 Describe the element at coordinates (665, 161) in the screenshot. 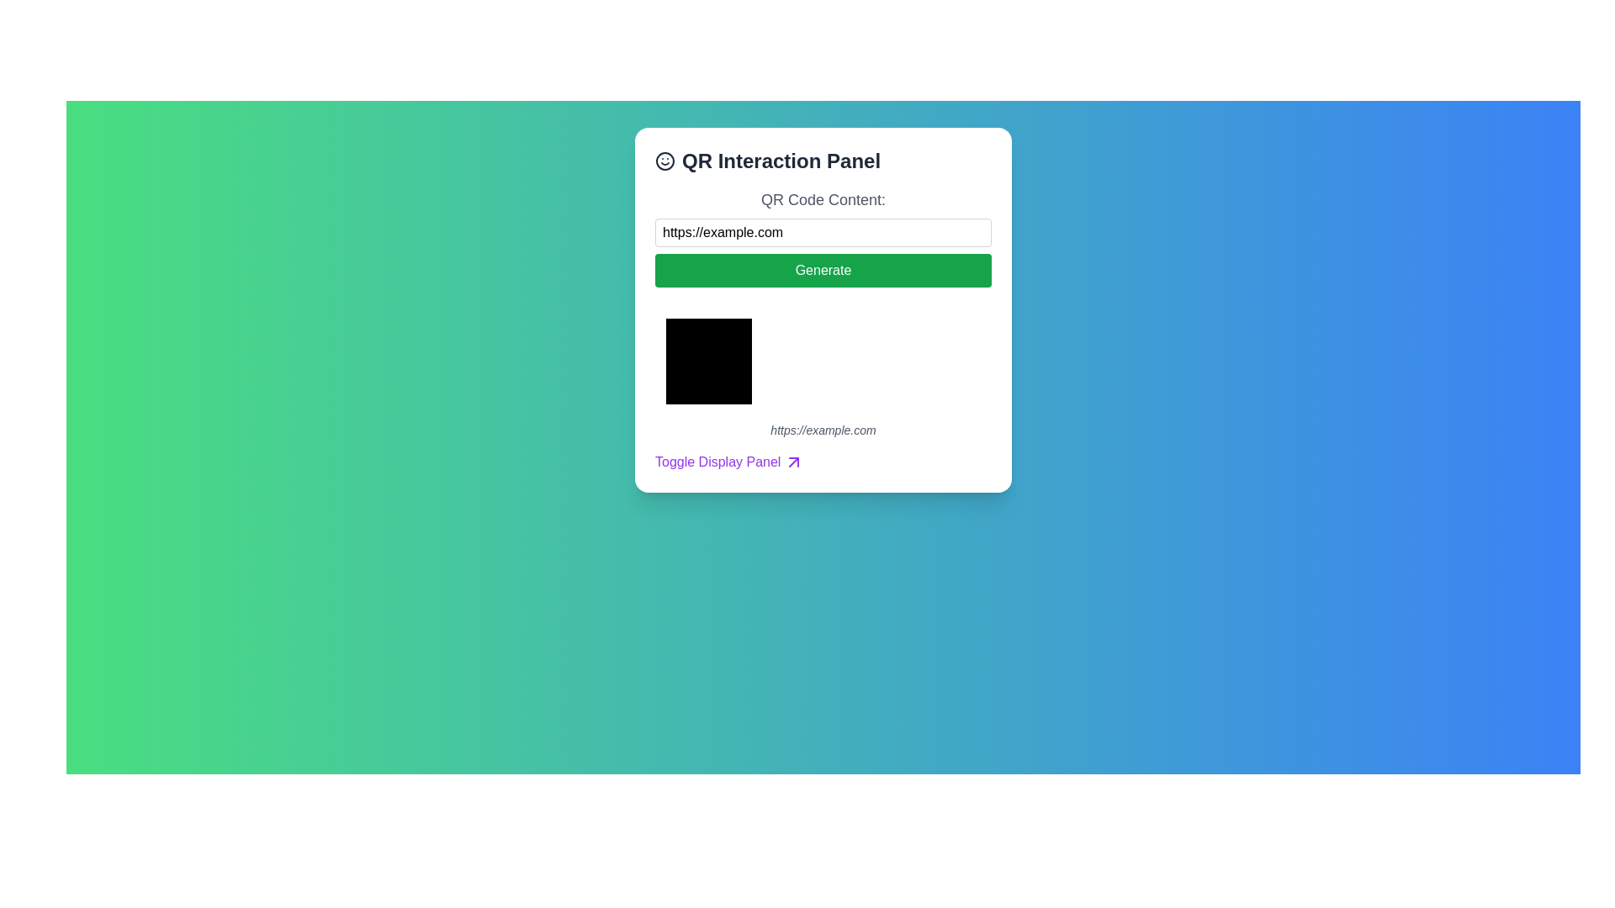

I see `the decorative icon located to the left of the 'QR Interaction Panel' title in the header of the panel` at that location.